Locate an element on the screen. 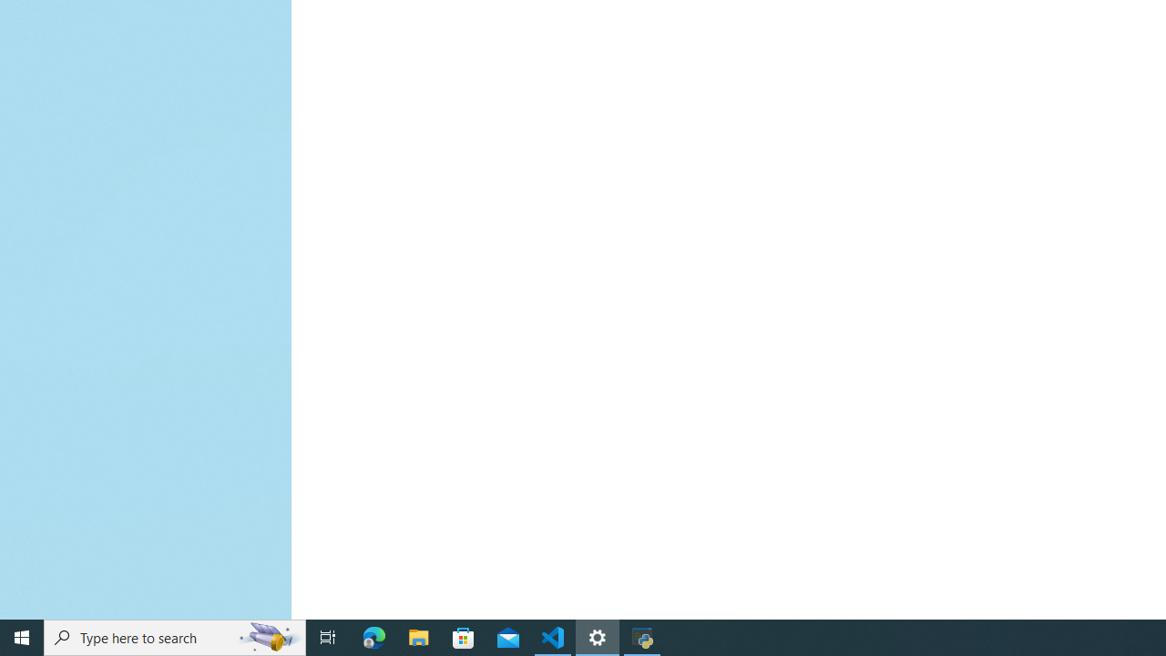  'Search highlights icon opens search home window' is located at coordinates (268, 636).